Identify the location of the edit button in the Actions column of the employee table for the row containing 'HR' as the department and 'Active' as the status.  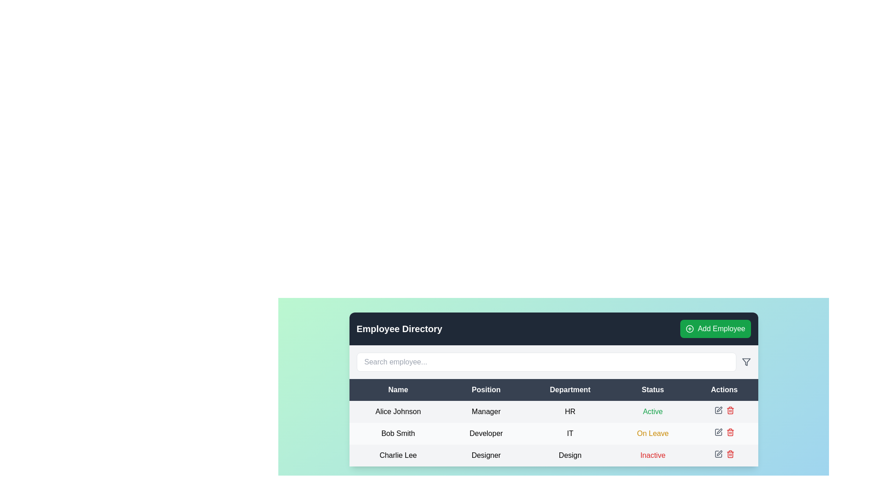
(719, 409).